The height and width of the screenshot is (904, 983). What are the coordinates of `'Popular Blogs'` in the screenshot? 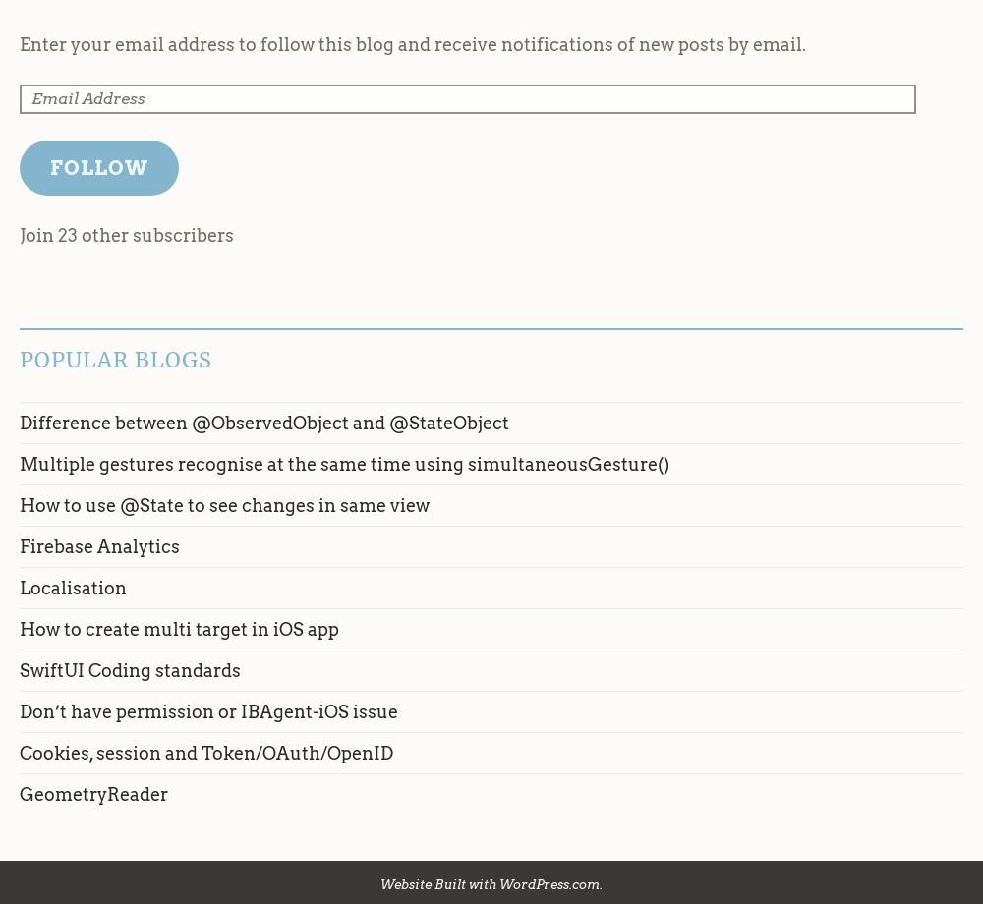 It's located at (115, 358).